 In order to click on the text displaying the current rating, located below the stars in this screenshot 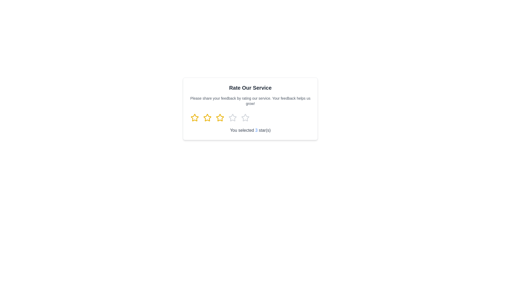, I will do `click(250, 130)`.